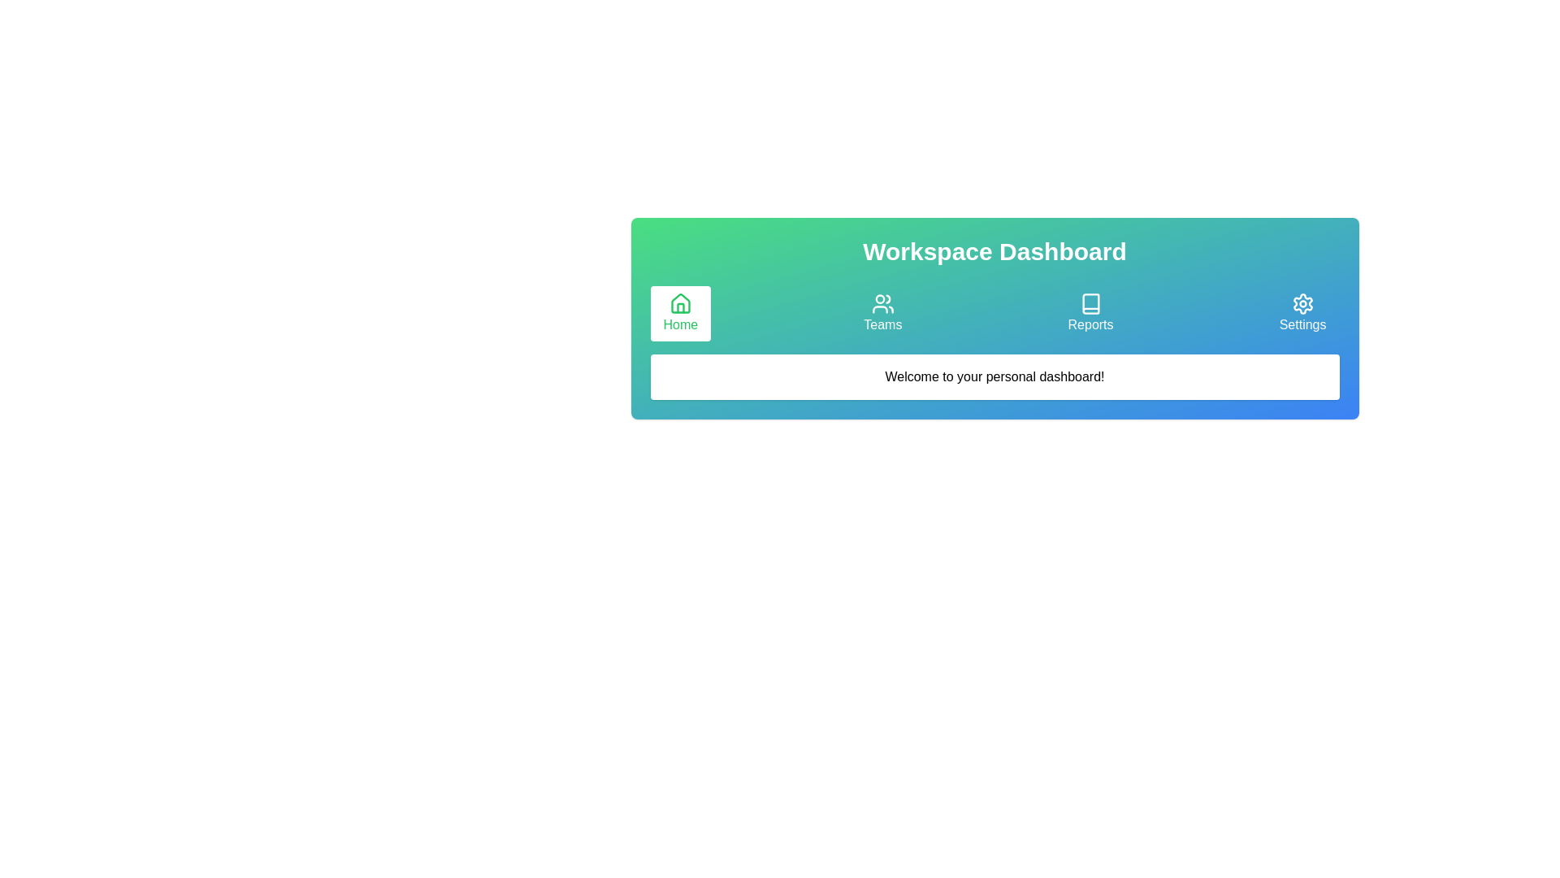 The image size is (1560, 878). Describe the element at coordinates (680, 304) in the screenshot. I see `the house icon located at the top of the 'Home' button in the navigation bar` at that location.